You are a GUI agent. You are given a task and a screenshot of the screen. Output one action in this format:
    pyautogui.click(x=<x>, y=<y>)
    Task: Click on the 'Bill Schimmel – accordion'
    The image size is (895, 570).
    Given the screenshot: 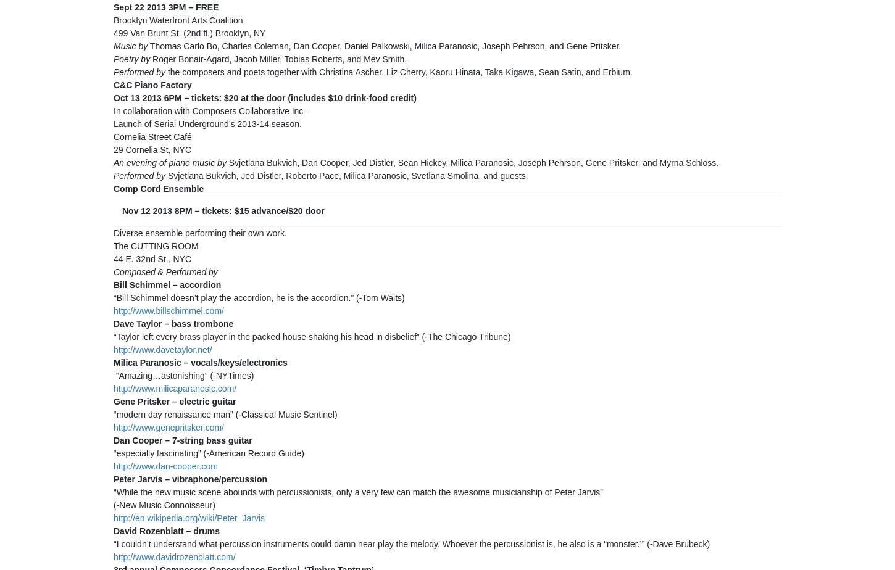 What is the action you would take?
    pyautogui.click(x=167, y=285)
    